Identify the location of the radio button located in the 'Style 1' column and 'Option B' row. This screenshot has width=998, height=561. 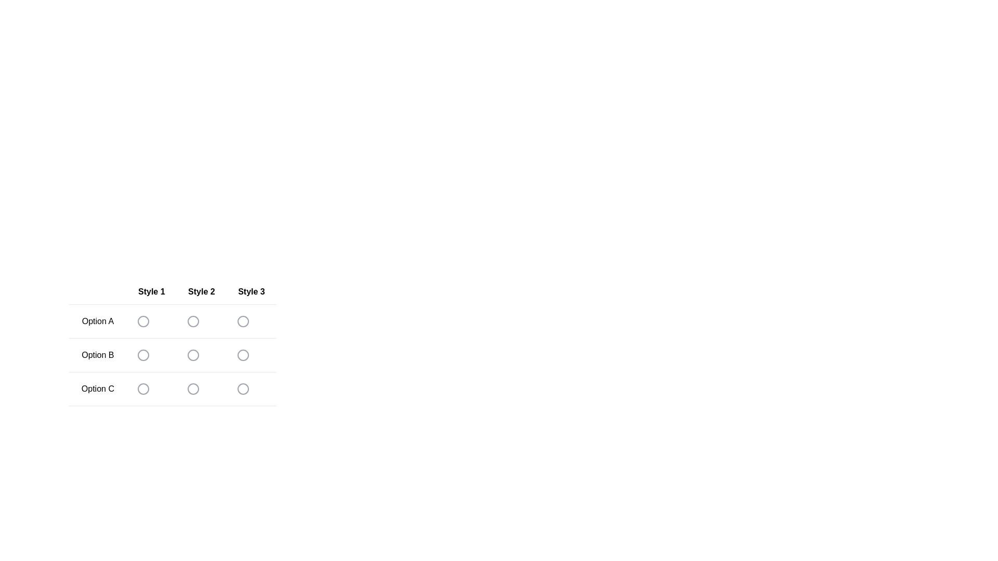
(142, 354).